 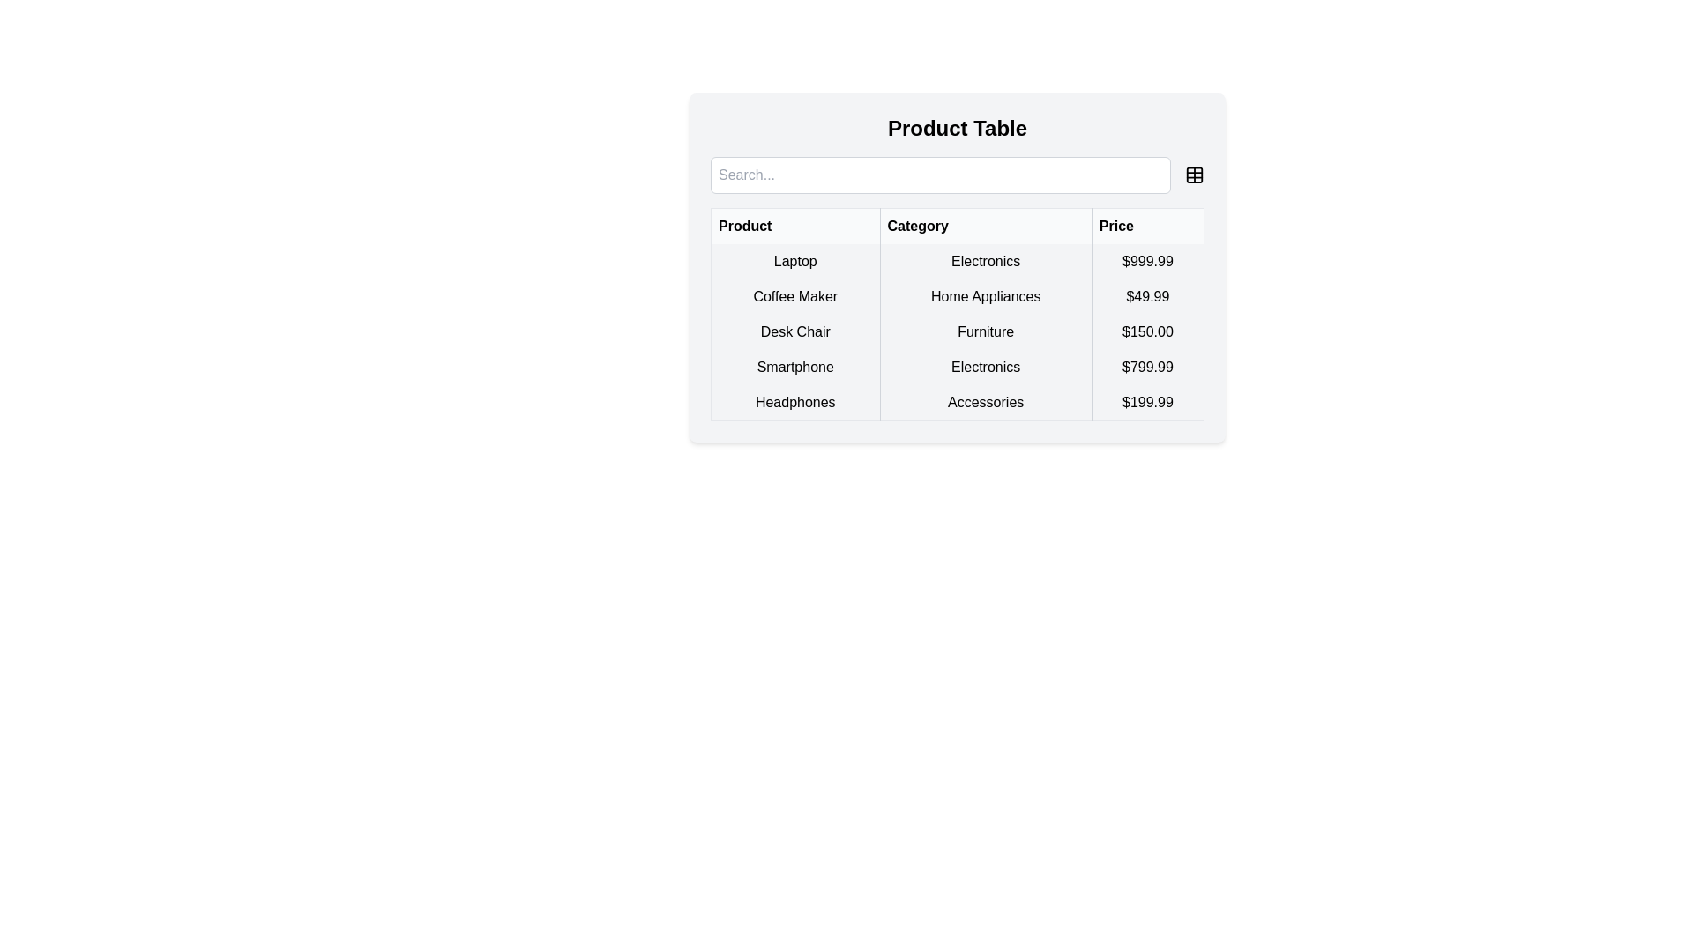 What do you see at coordinates (794, 332) in the screenshot?
I see `the 'Desk Chair' text item in the 'Product Table' located in the third row, first column, which is styled with borders on the right and gray coloration` at bounding box center [794, 332].